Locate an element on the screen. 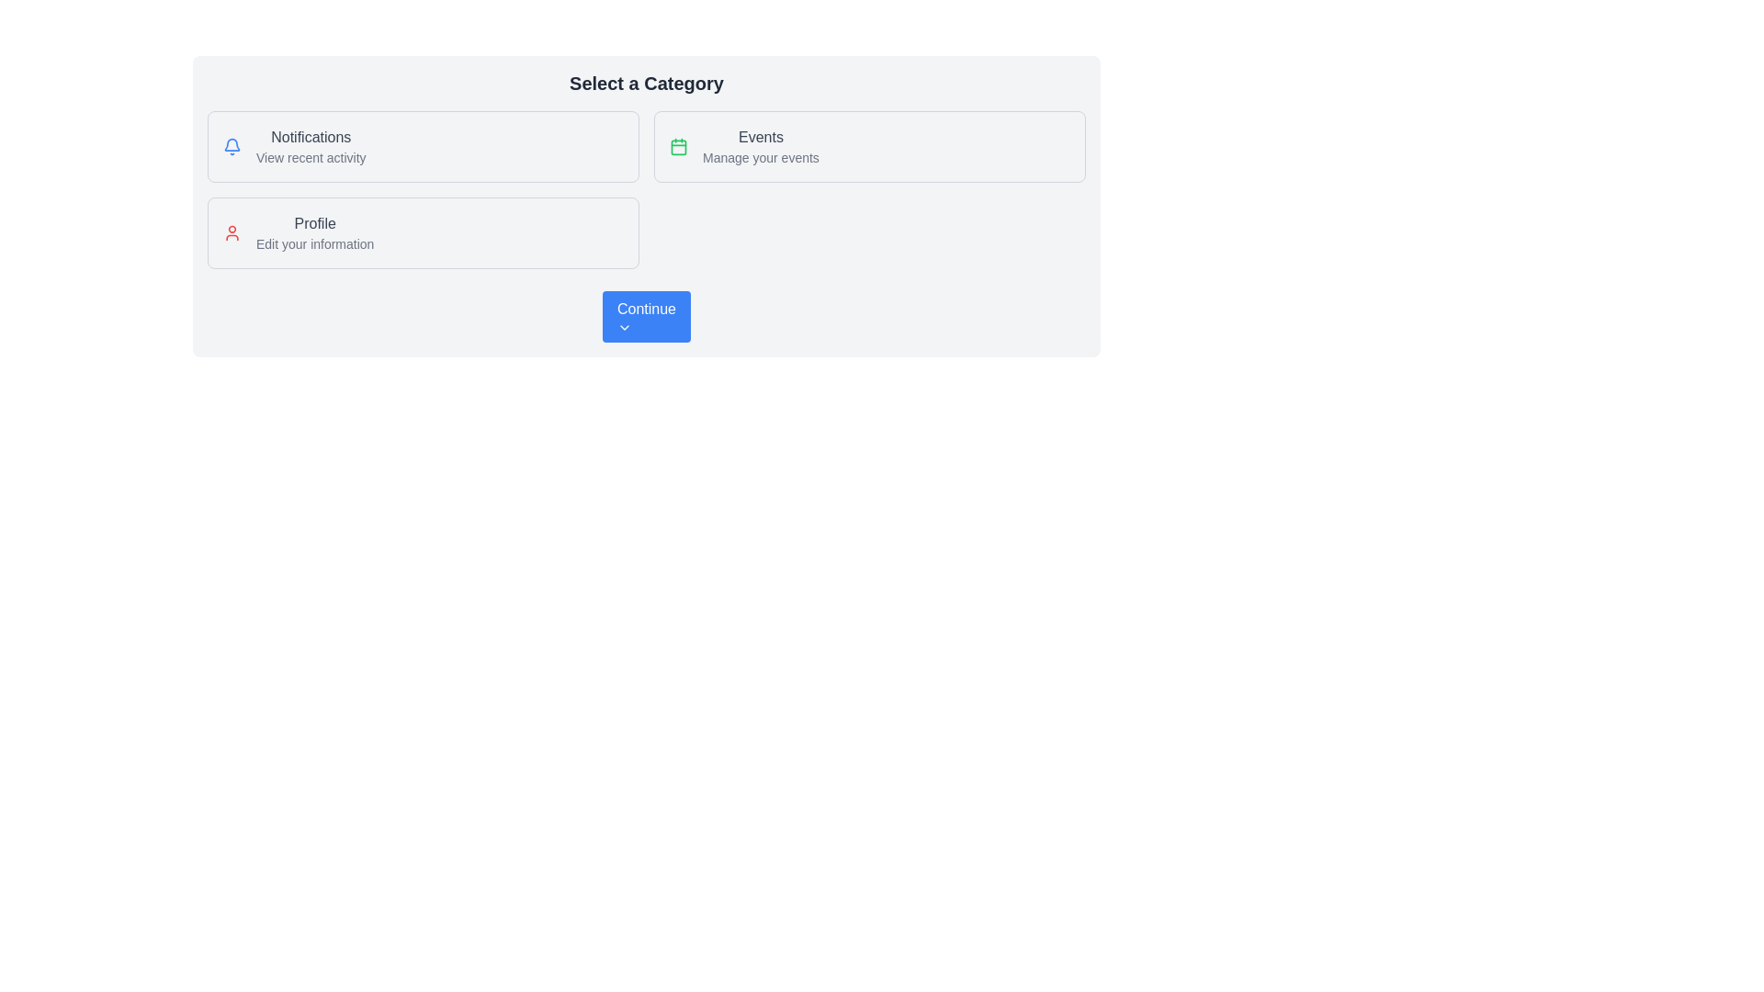  the button with a dropdown indicator located at the bottom center of the 'Select a Category' section is located at coordinates (647, 315).